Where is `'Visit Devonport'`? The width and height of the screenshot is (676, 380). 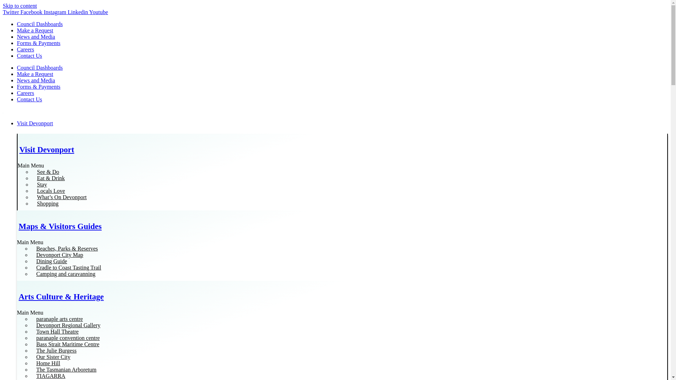
'Visit Devonport' is located at coordinates (17, 123).